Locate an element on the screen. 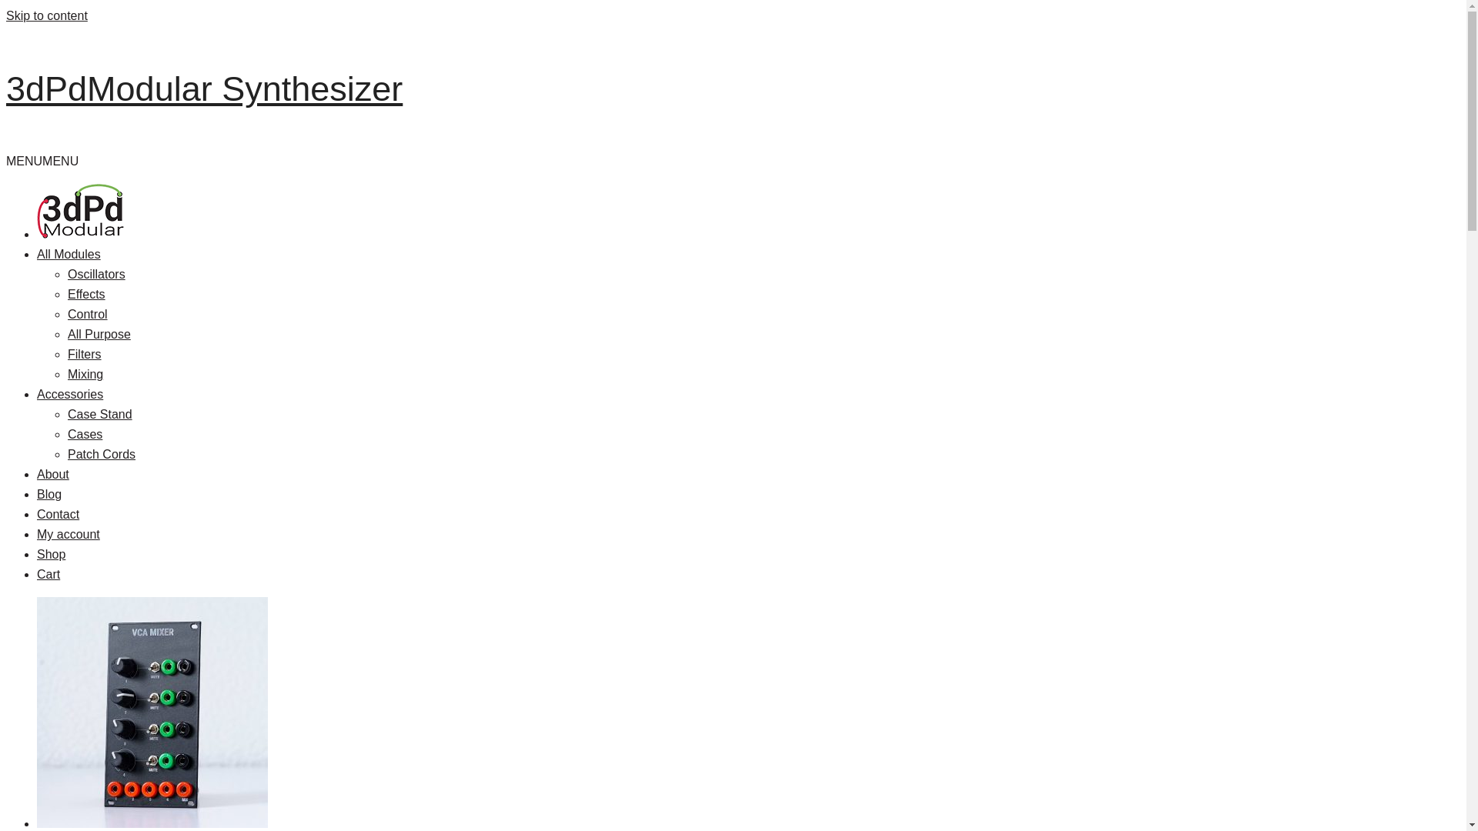  'Control' is located at coordinates (66, 313).